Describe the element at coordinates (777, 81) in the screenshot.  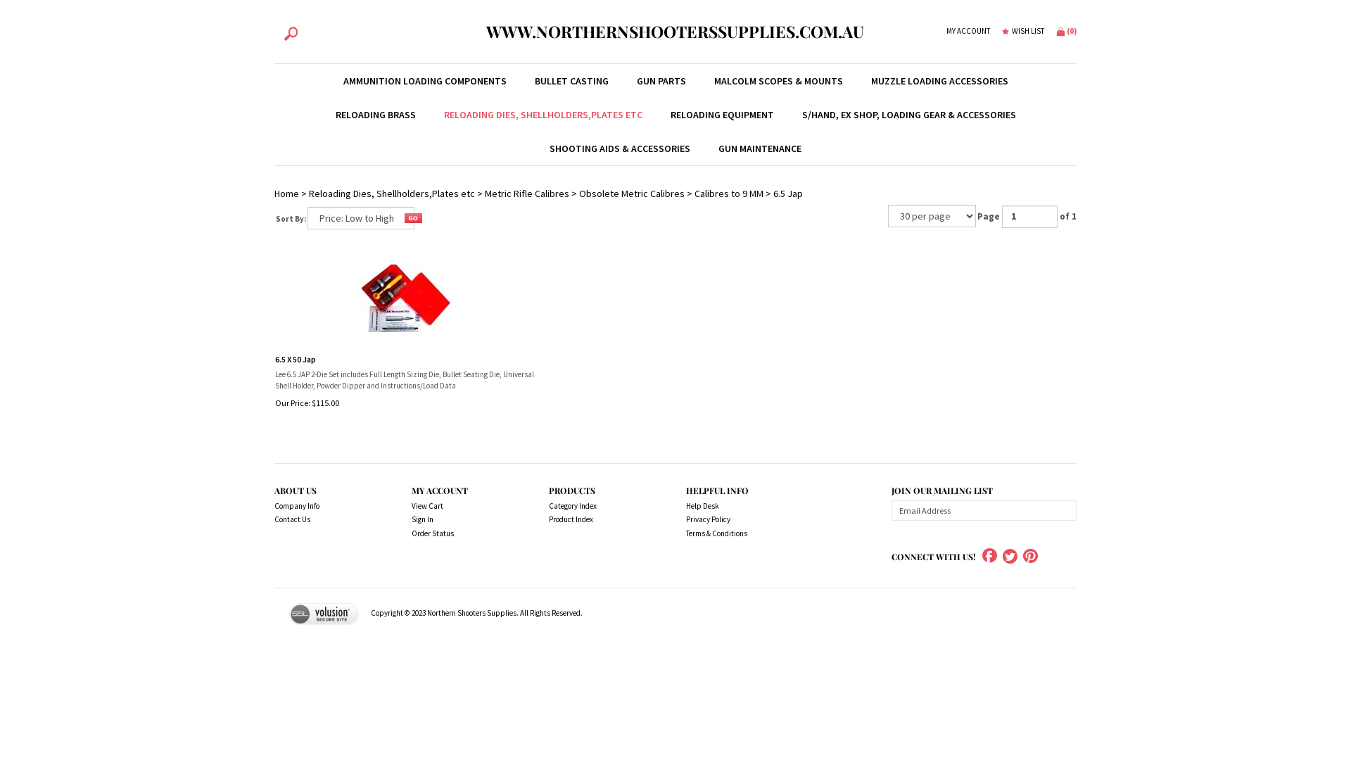
I see `'MALCOLM SCOPES & MOUNTS'` at that location.